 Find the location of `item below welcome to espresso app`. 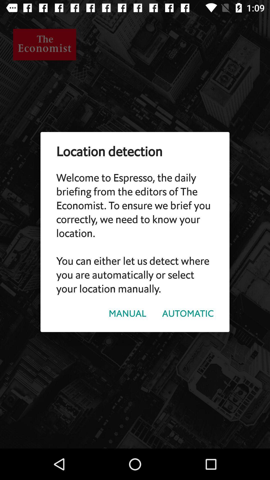

item below welcome to espresso app is located at coordinates (188, 313).